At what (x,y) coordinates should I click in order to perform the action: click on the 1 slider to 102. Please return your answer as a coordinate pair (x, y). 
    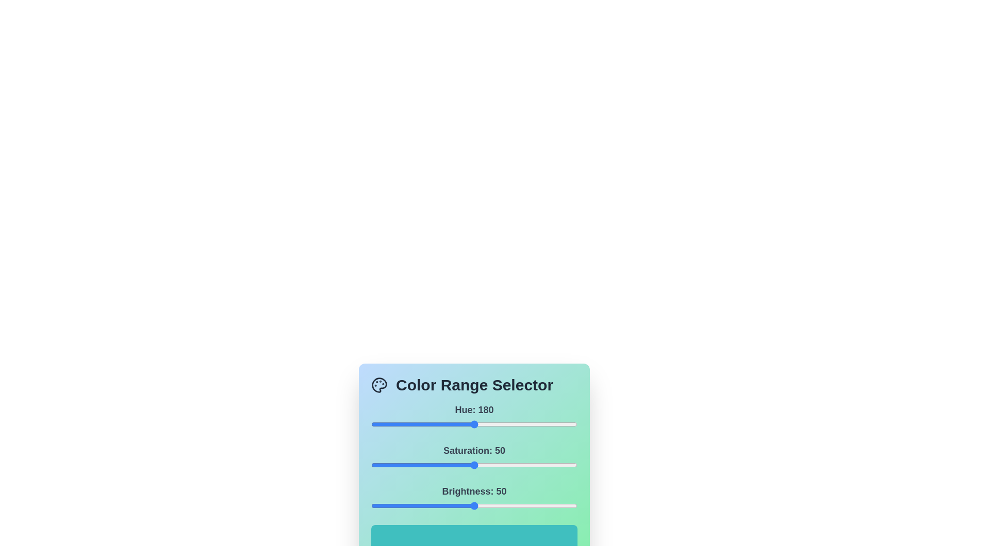
    Looking at the image, I should click on (582, 465).